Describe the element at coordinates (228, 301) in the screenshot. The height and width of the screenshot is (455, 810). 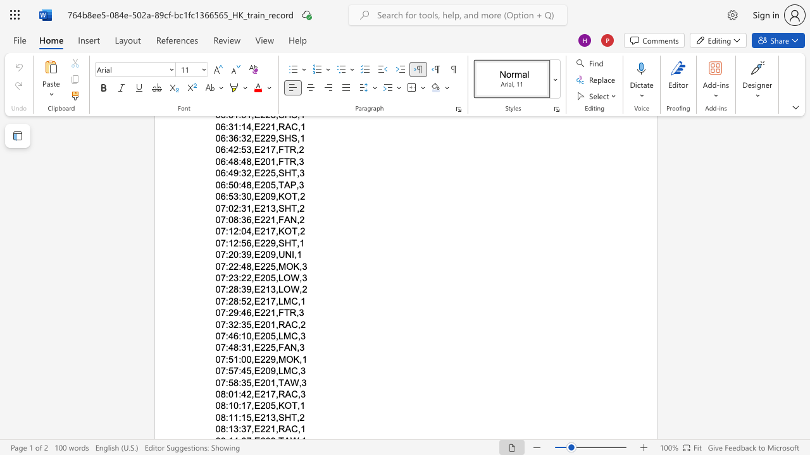
I see `the subset text "28" within the text "07:28:52,E217,LMC,1"` at that location.